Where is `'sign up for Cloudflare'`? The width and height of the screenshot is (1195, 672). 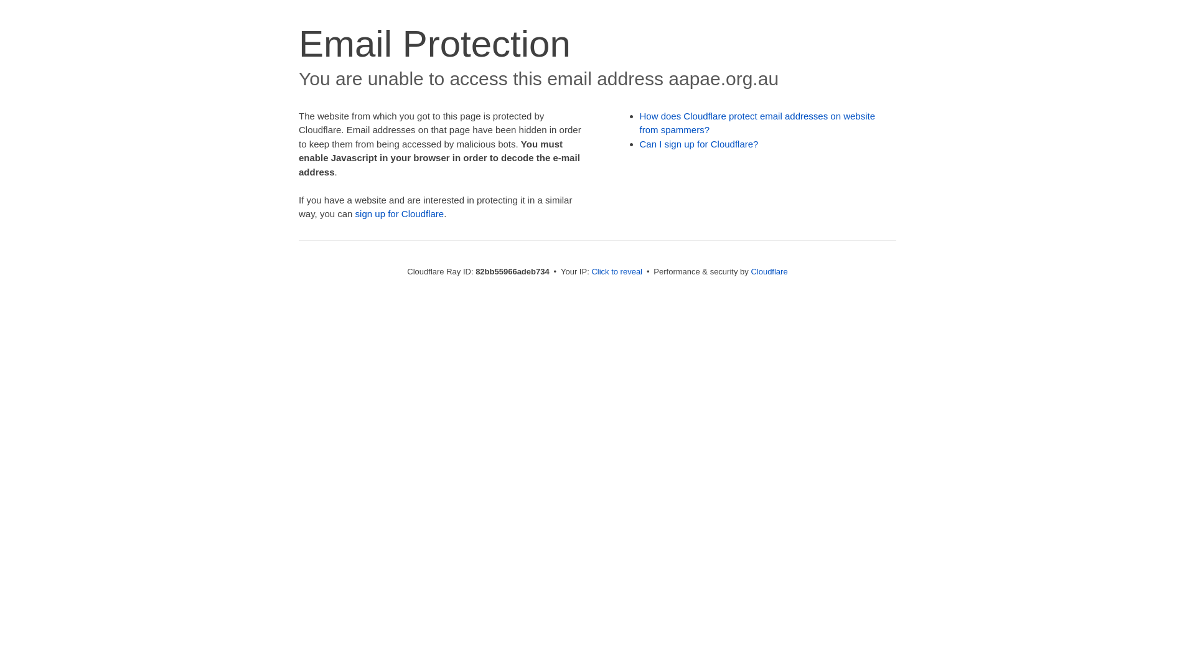 'sign up for Cloudflare' is located at coordinates (400, 213).